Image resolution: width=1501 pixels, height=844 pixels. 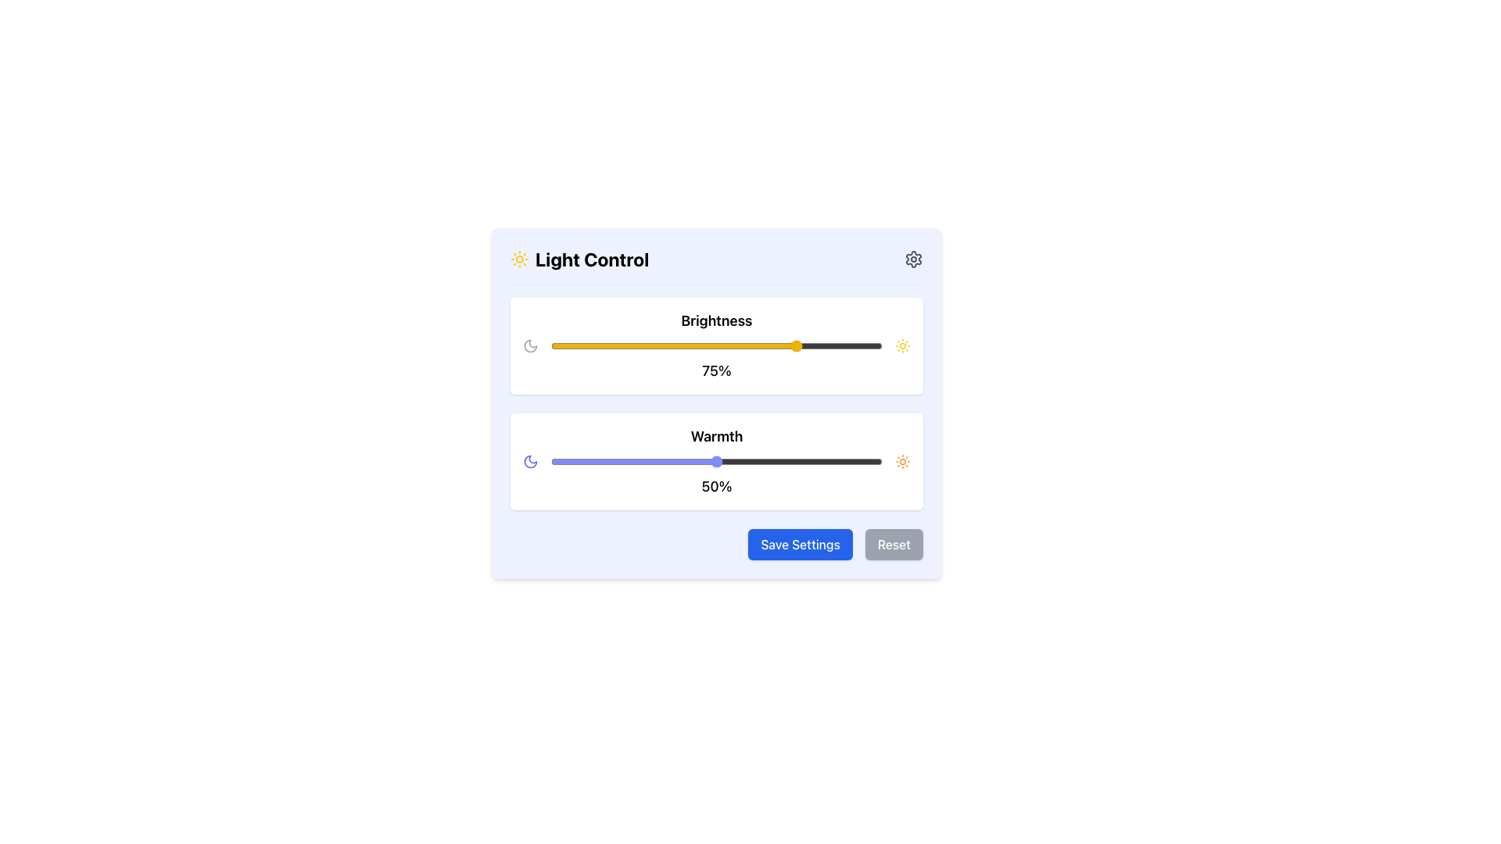 I want to click on the gear icon located in the upper-right corner of the interface, adjacent to the 'Light Control' heading, to gain additional information or indications, so click(x=914, y=258).